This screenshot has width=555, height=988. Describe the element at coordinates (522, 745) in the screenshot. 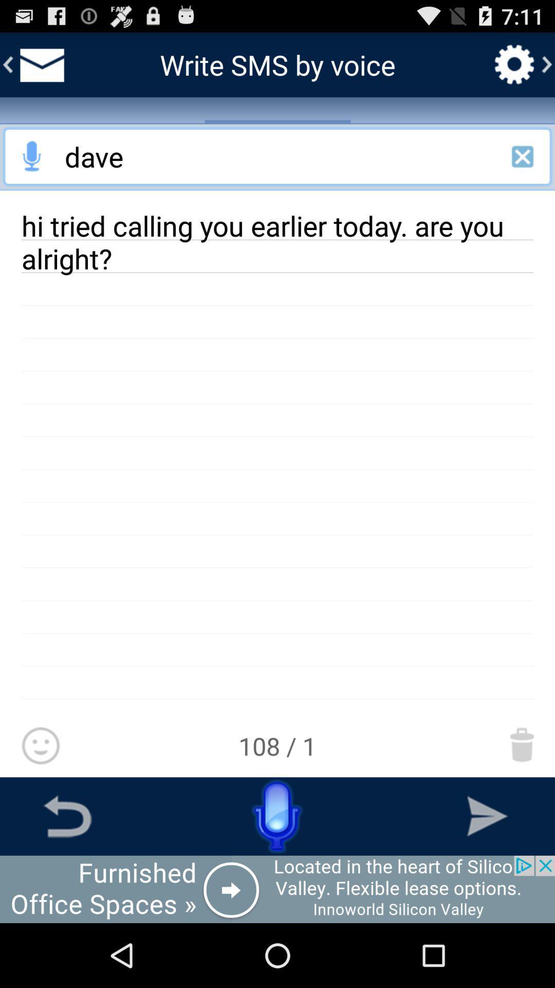

I see `move this message to trash` at that location.